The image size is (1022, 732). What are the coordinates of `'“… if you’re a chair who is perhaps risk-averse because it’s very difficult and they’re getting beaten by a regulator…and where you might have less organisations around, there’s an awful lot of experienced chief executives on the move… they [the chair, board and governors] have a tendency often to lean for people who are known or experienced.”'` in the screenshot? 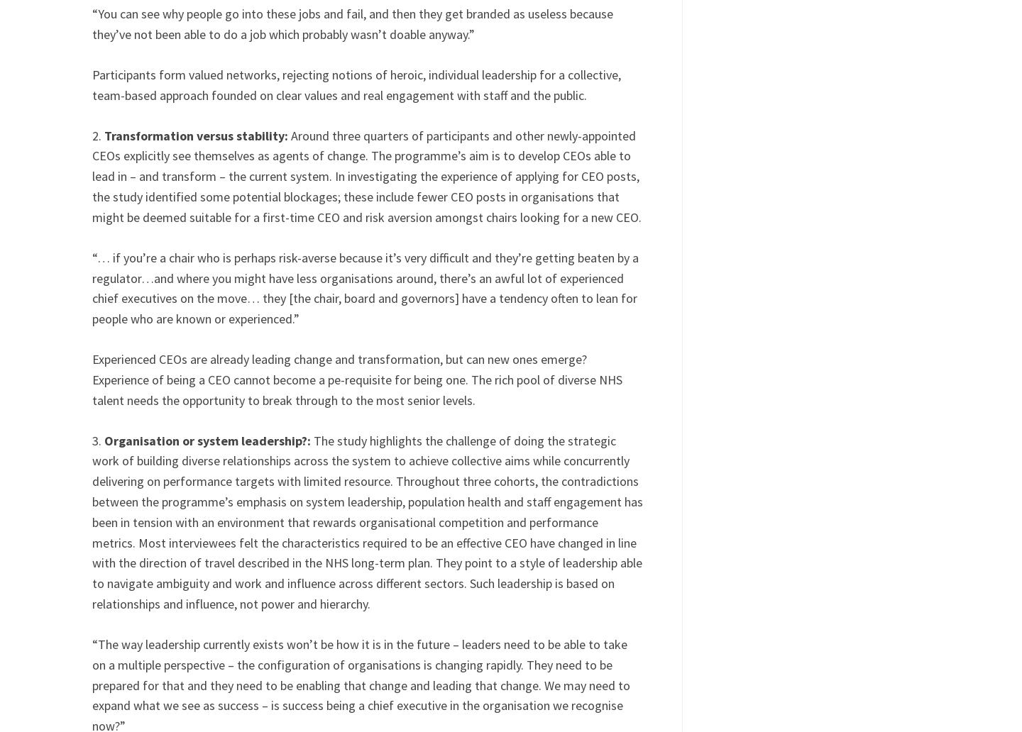 It's located at (92, 287).